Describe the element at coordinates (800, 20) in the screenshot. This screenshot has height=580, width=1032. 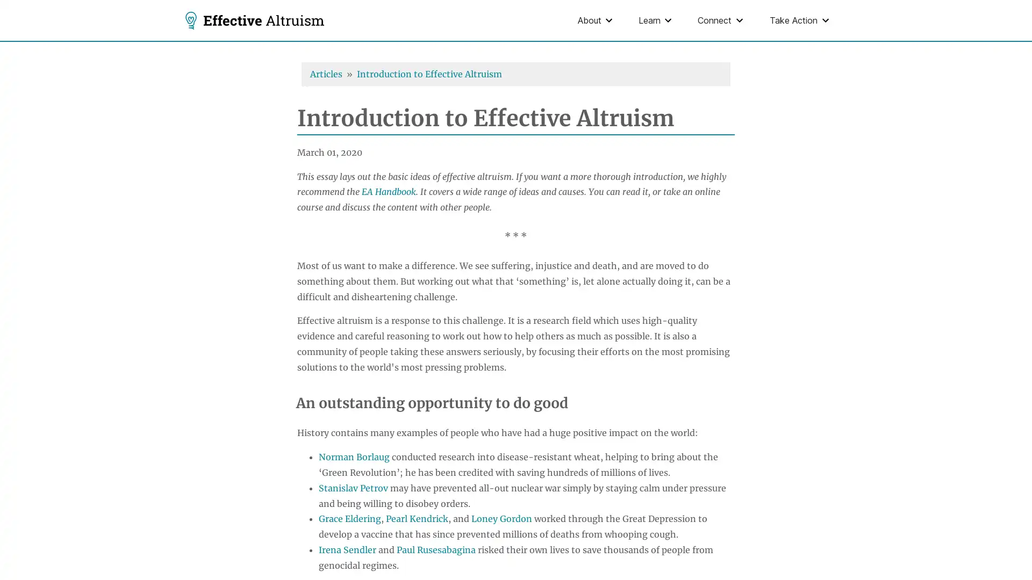
I see `Take Action` at that location.